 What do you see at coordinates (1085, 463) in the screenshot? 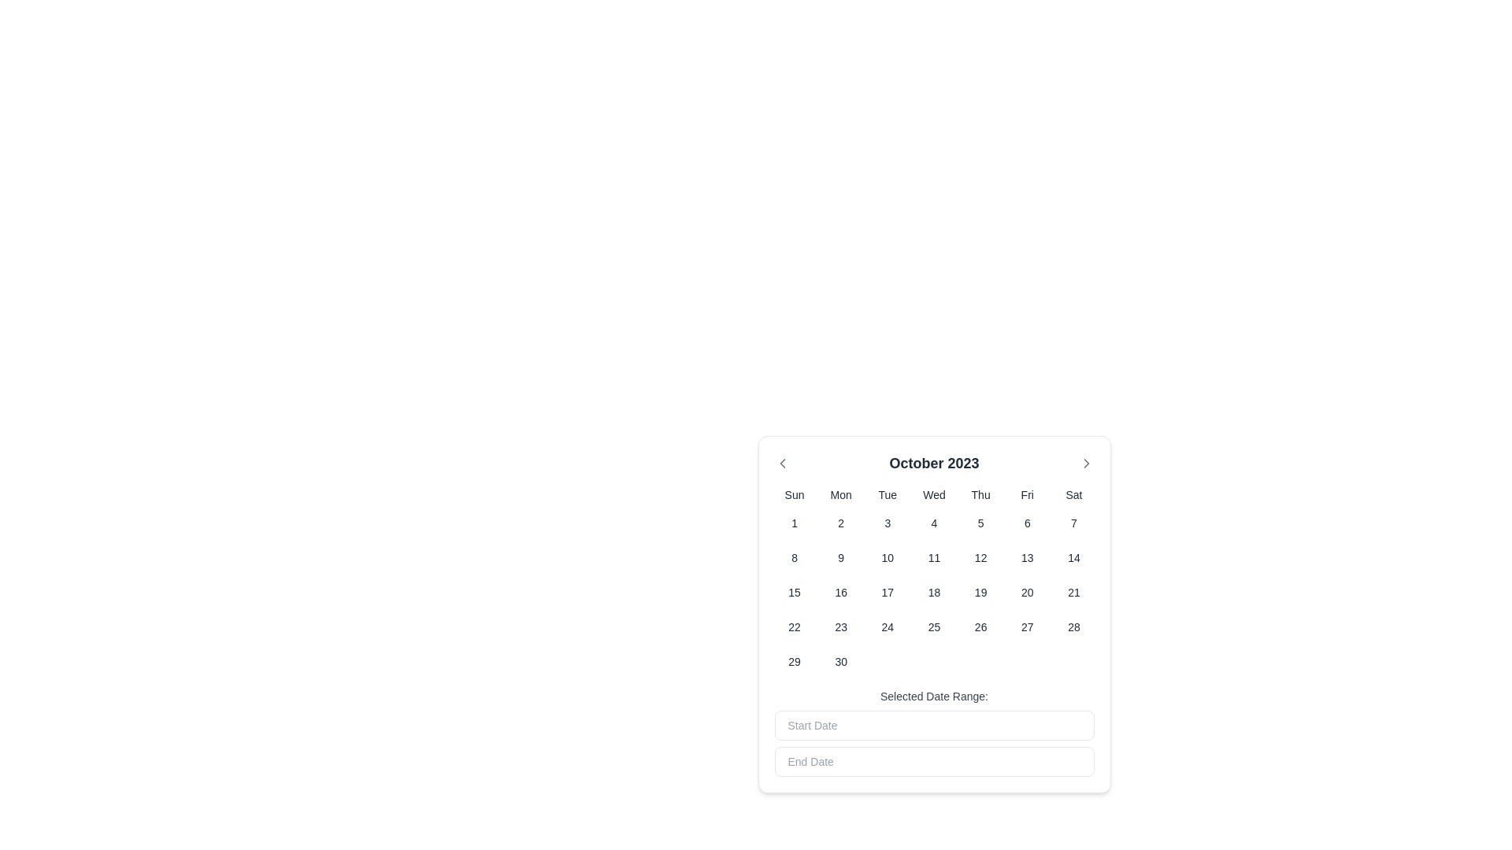
I see `the right-facing chevron icon located in the upper-right section of the calendar widget` at bounding box center [1085, 463].